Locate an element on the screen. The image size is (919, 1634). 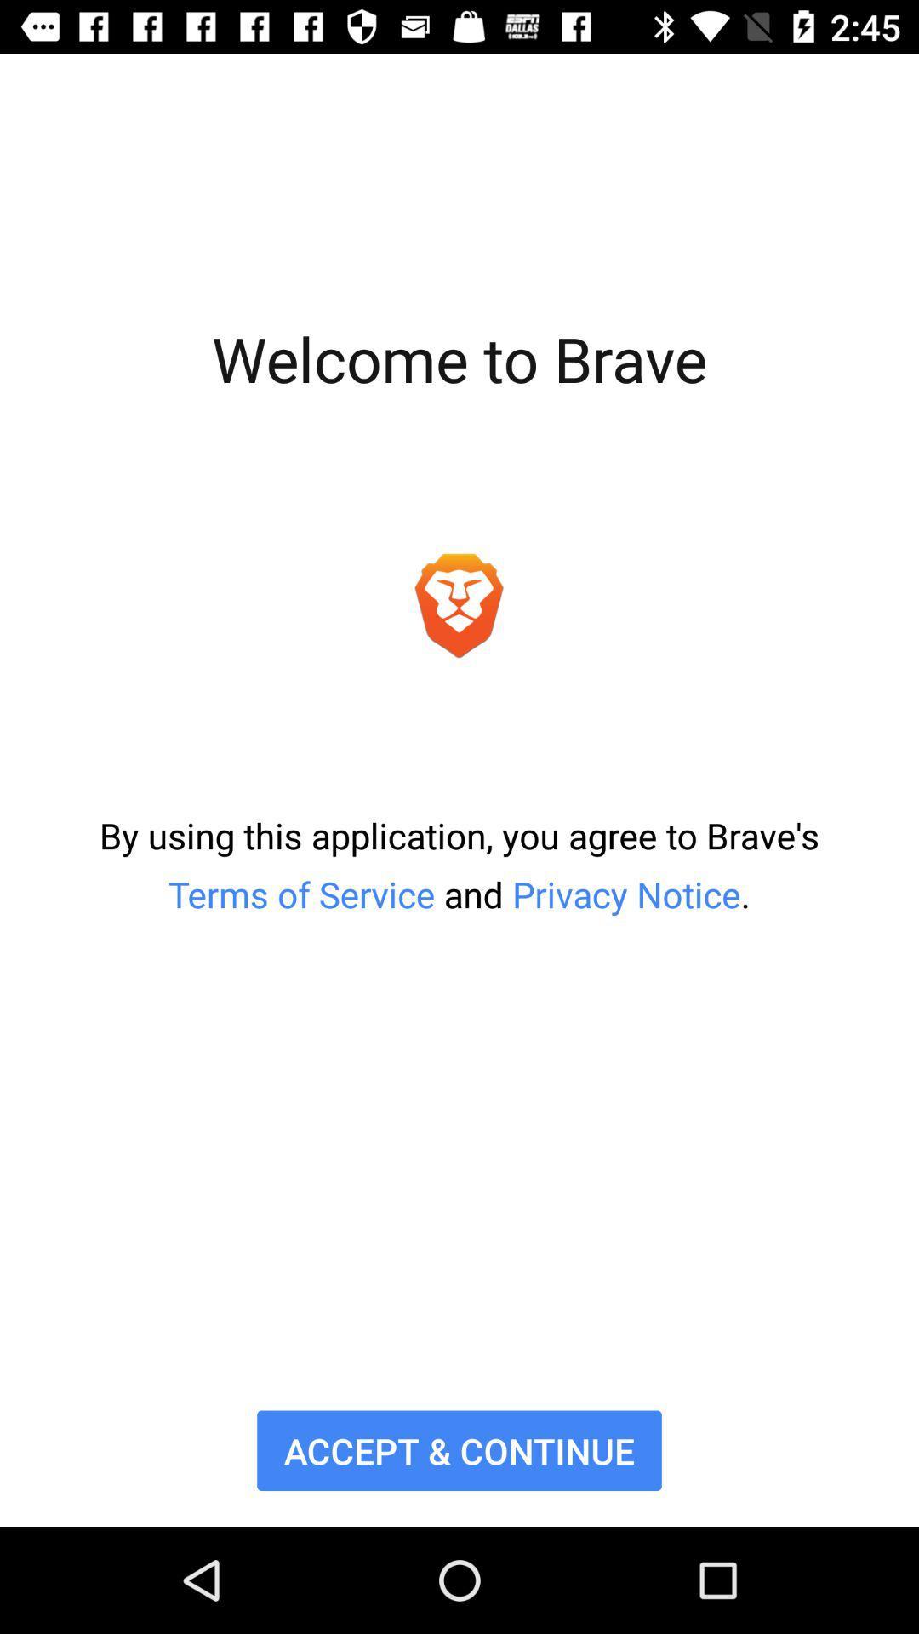
the icon below by using this icon is located at coordinates (459, 1449).